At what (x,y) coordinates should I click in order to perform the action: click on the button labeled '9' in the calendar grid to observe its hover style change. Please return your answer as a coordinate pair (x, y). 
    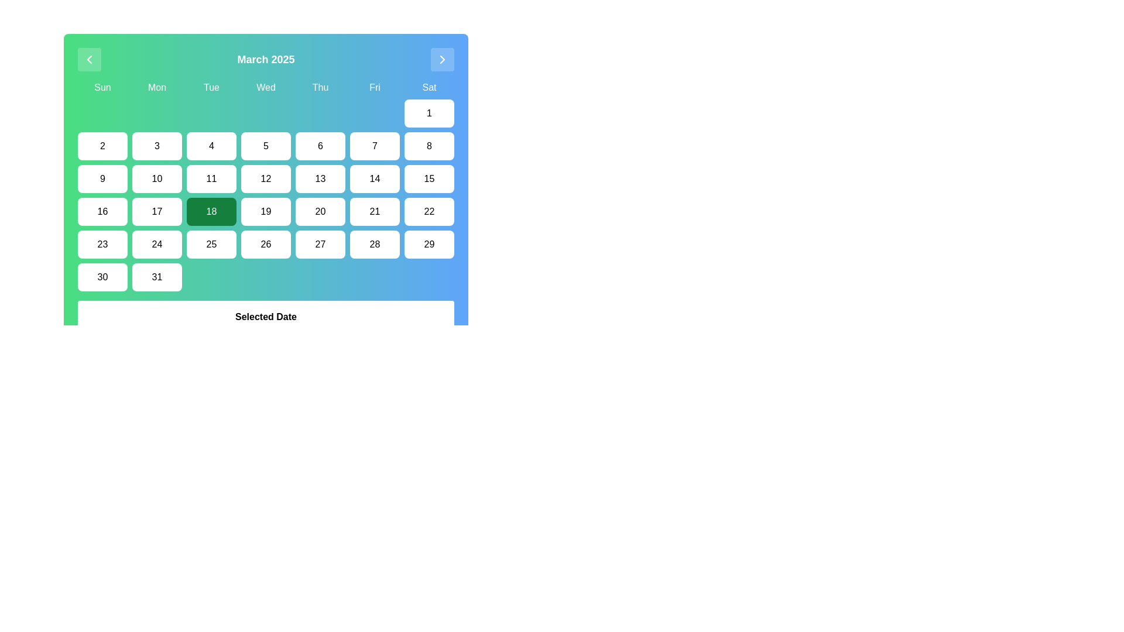
    Looking at the image, I should click on (102, 178).